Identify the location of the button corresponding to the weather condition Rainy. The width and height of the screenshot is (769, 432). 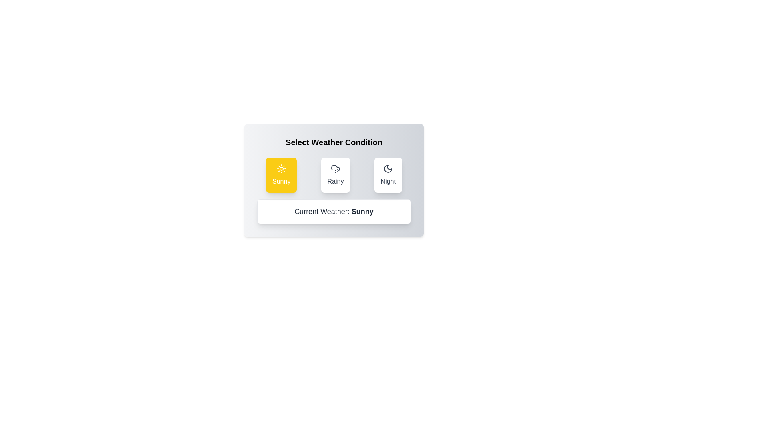
(335, 175).